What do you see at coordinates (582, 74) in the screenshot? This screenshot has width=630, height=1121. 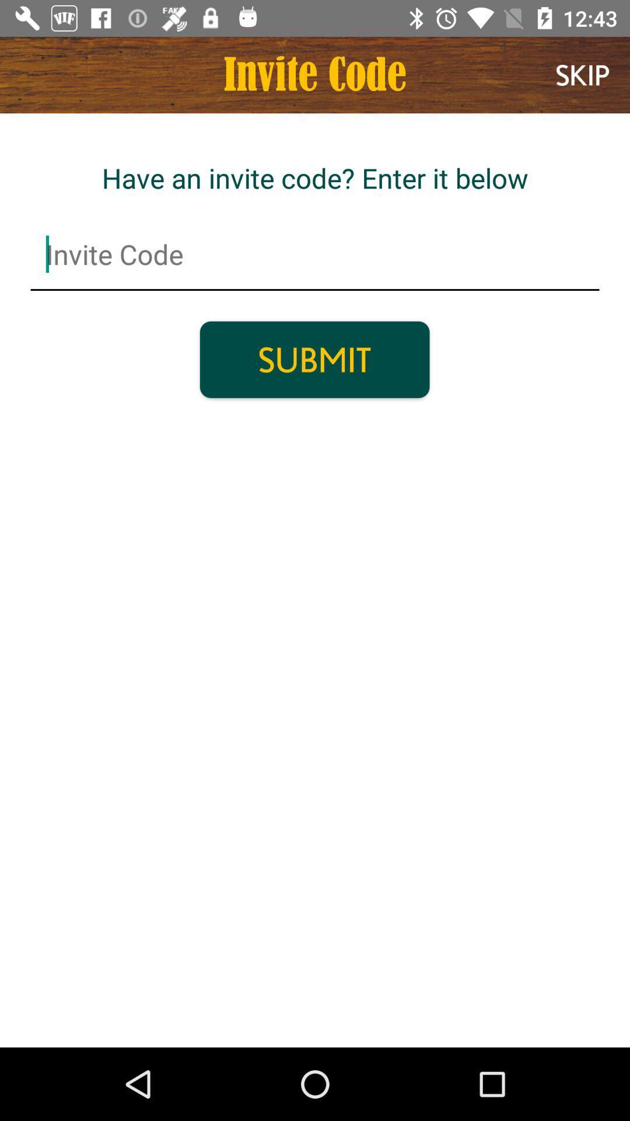 I see `skip icon` at bounding box center [582, 74].